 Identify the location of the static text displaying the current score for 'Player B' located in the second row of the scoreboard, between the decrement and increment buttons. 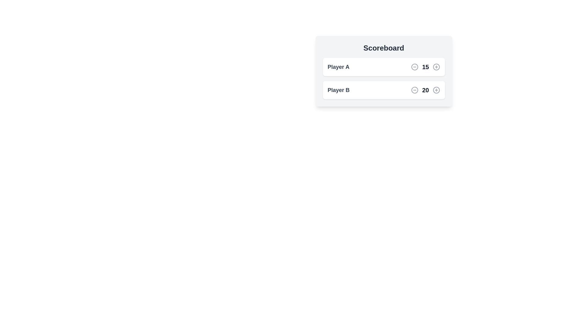
(425, 90).